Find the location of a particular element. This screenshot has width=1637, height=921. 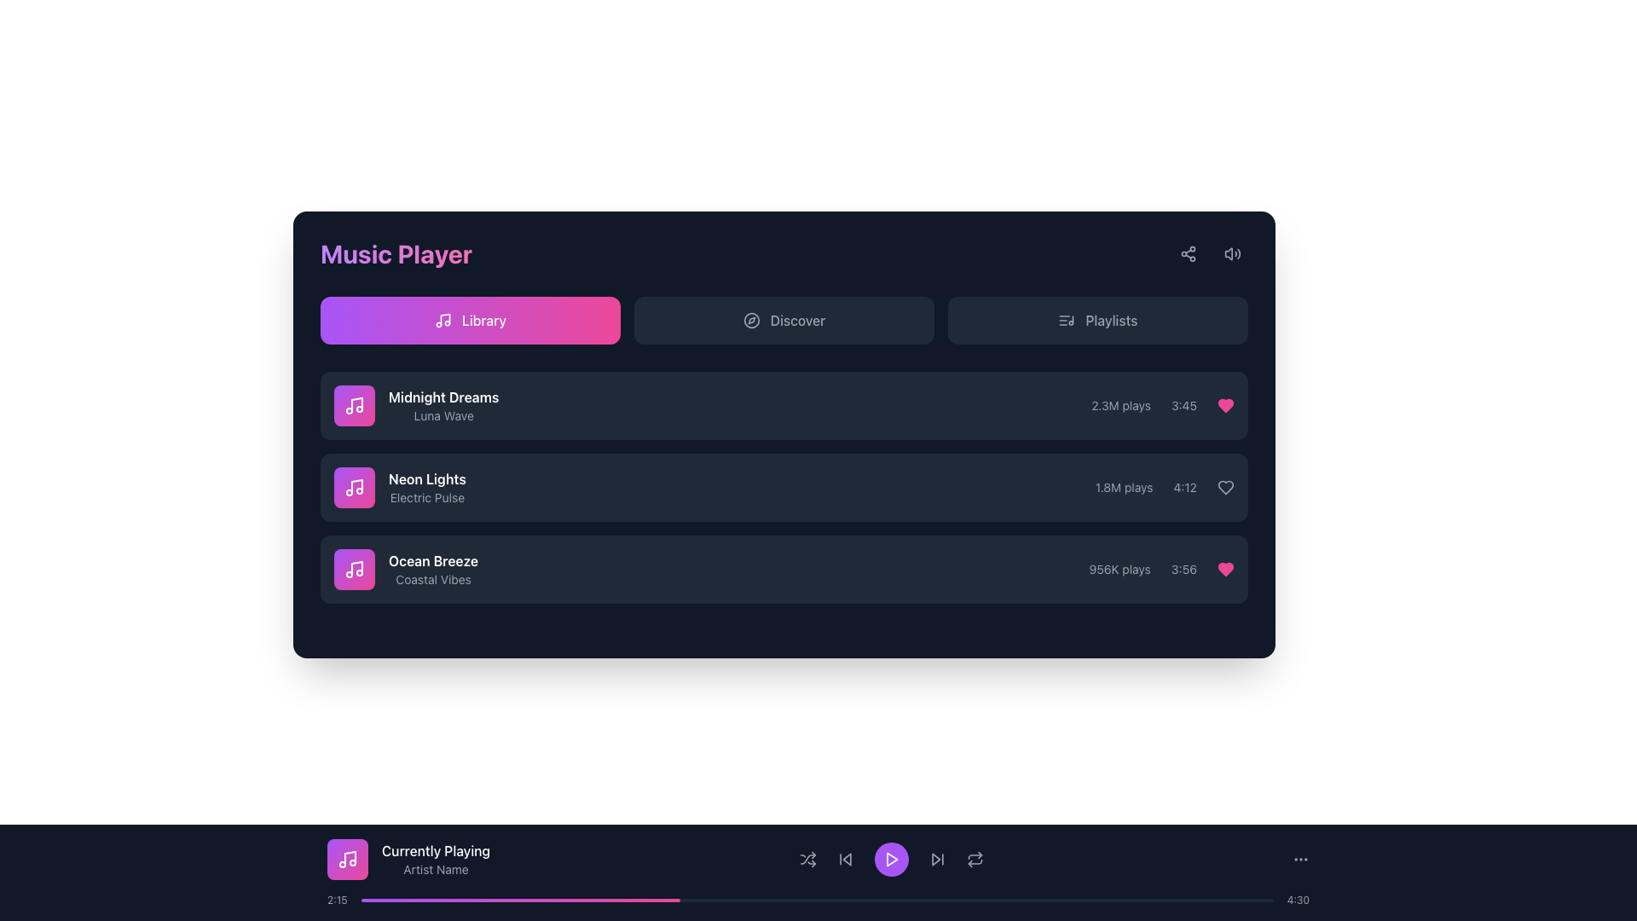

the text label that reads 'Currently Playing' displayed in white font, which is part of the footer section of the music player interface, located above the subtitle 'Artist Name' is located at coordinates (436, 851).